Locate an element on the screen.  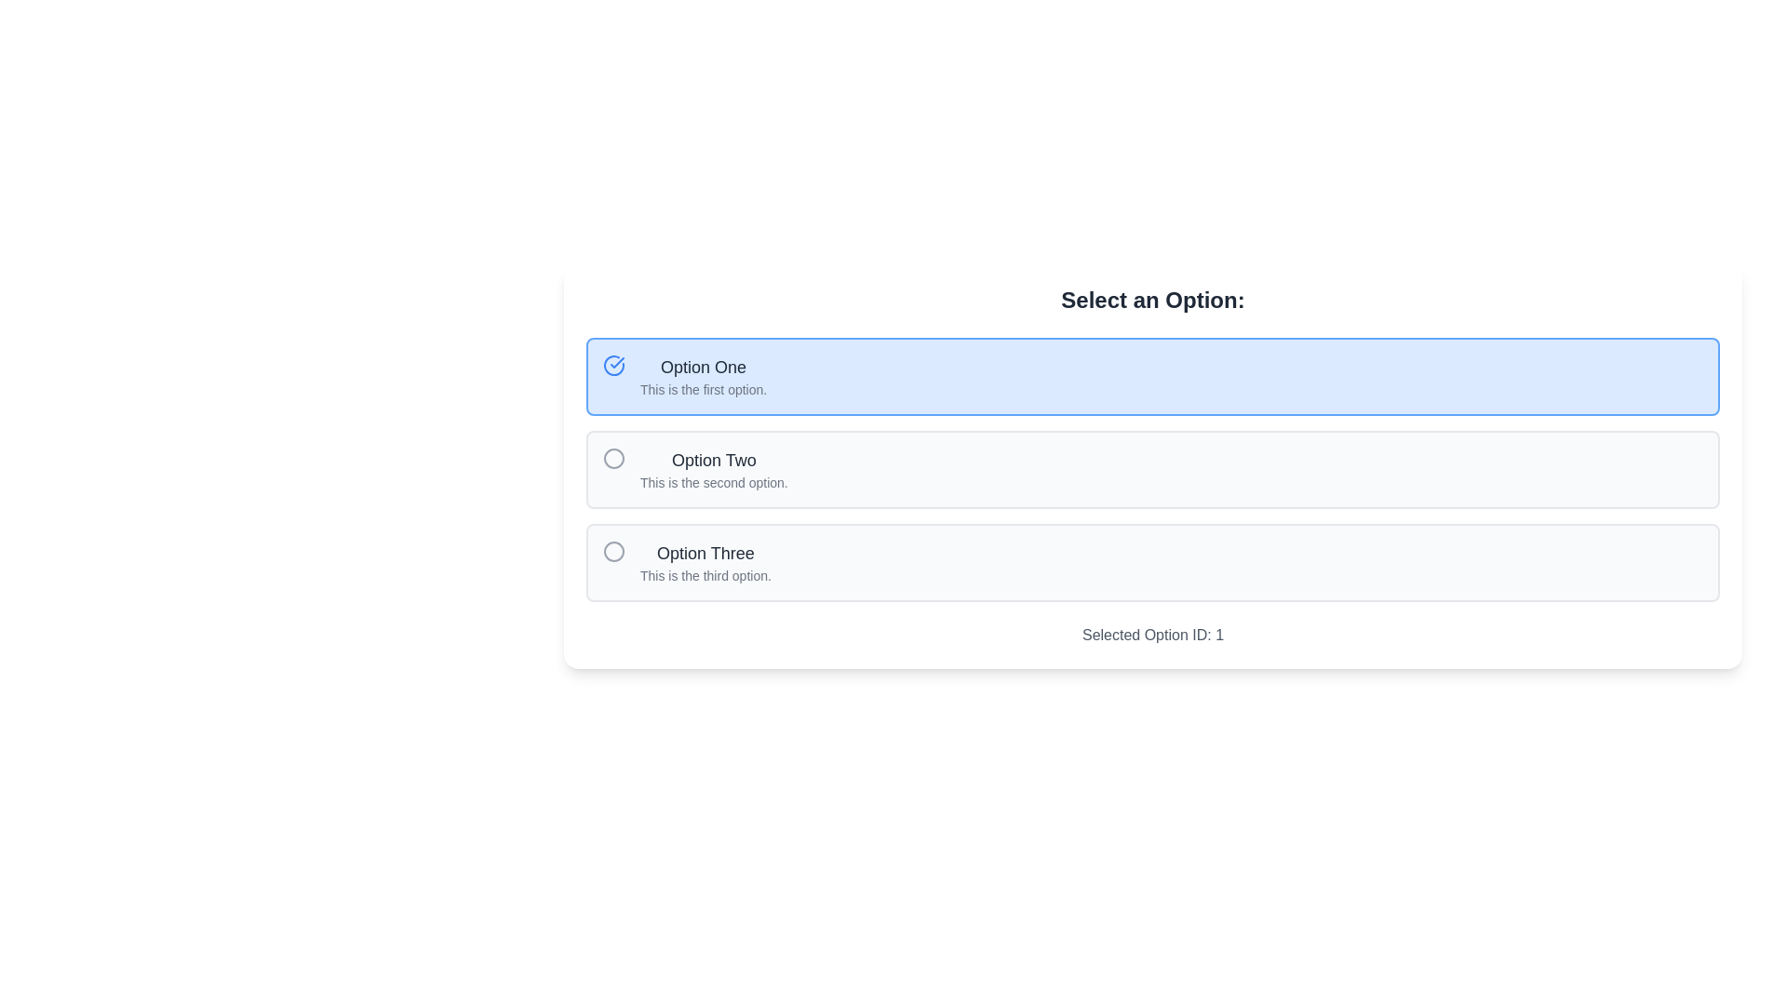
the third selectable list item (radio button) in a vertical list is located at coordinates (1151, 562).